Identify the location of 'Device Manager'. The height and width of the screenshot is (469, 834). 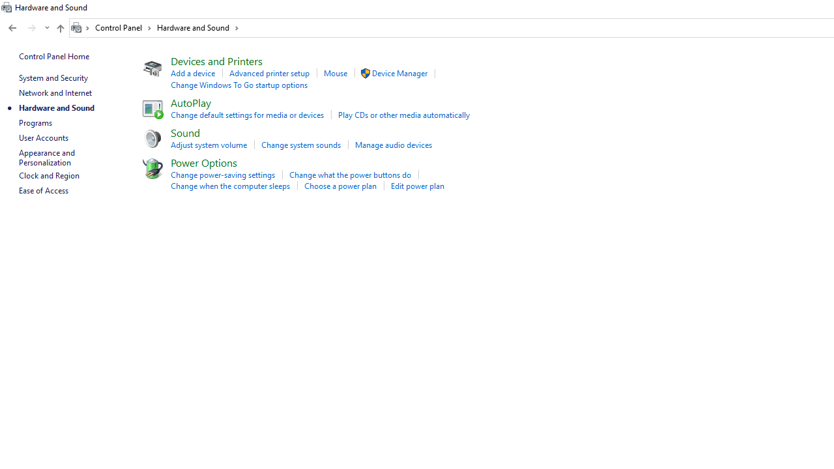
(399, 73).